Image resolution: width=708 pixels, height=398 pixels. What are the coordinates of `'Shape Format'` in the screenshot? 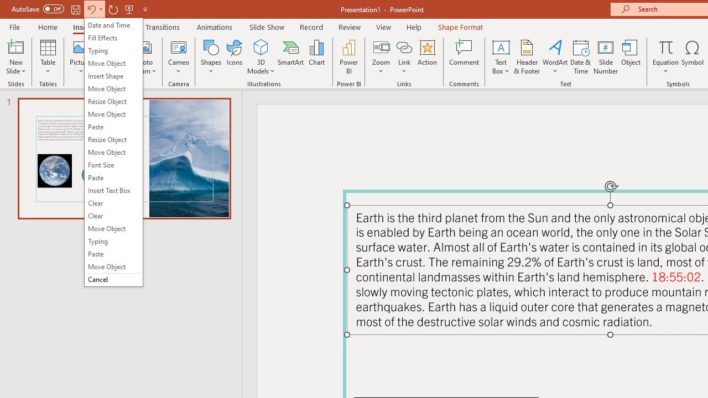 It's located at (460, 27).